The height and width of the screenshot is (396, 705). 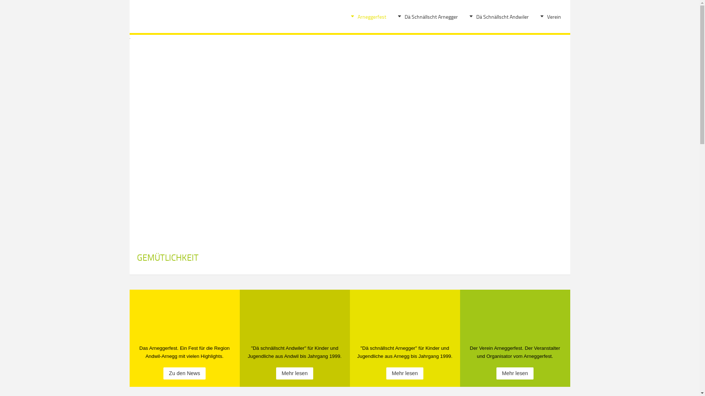 What do you see at coordinates (553, 16) in the screenshot?
I see `'Verein'` at bounding box center [553, 16].